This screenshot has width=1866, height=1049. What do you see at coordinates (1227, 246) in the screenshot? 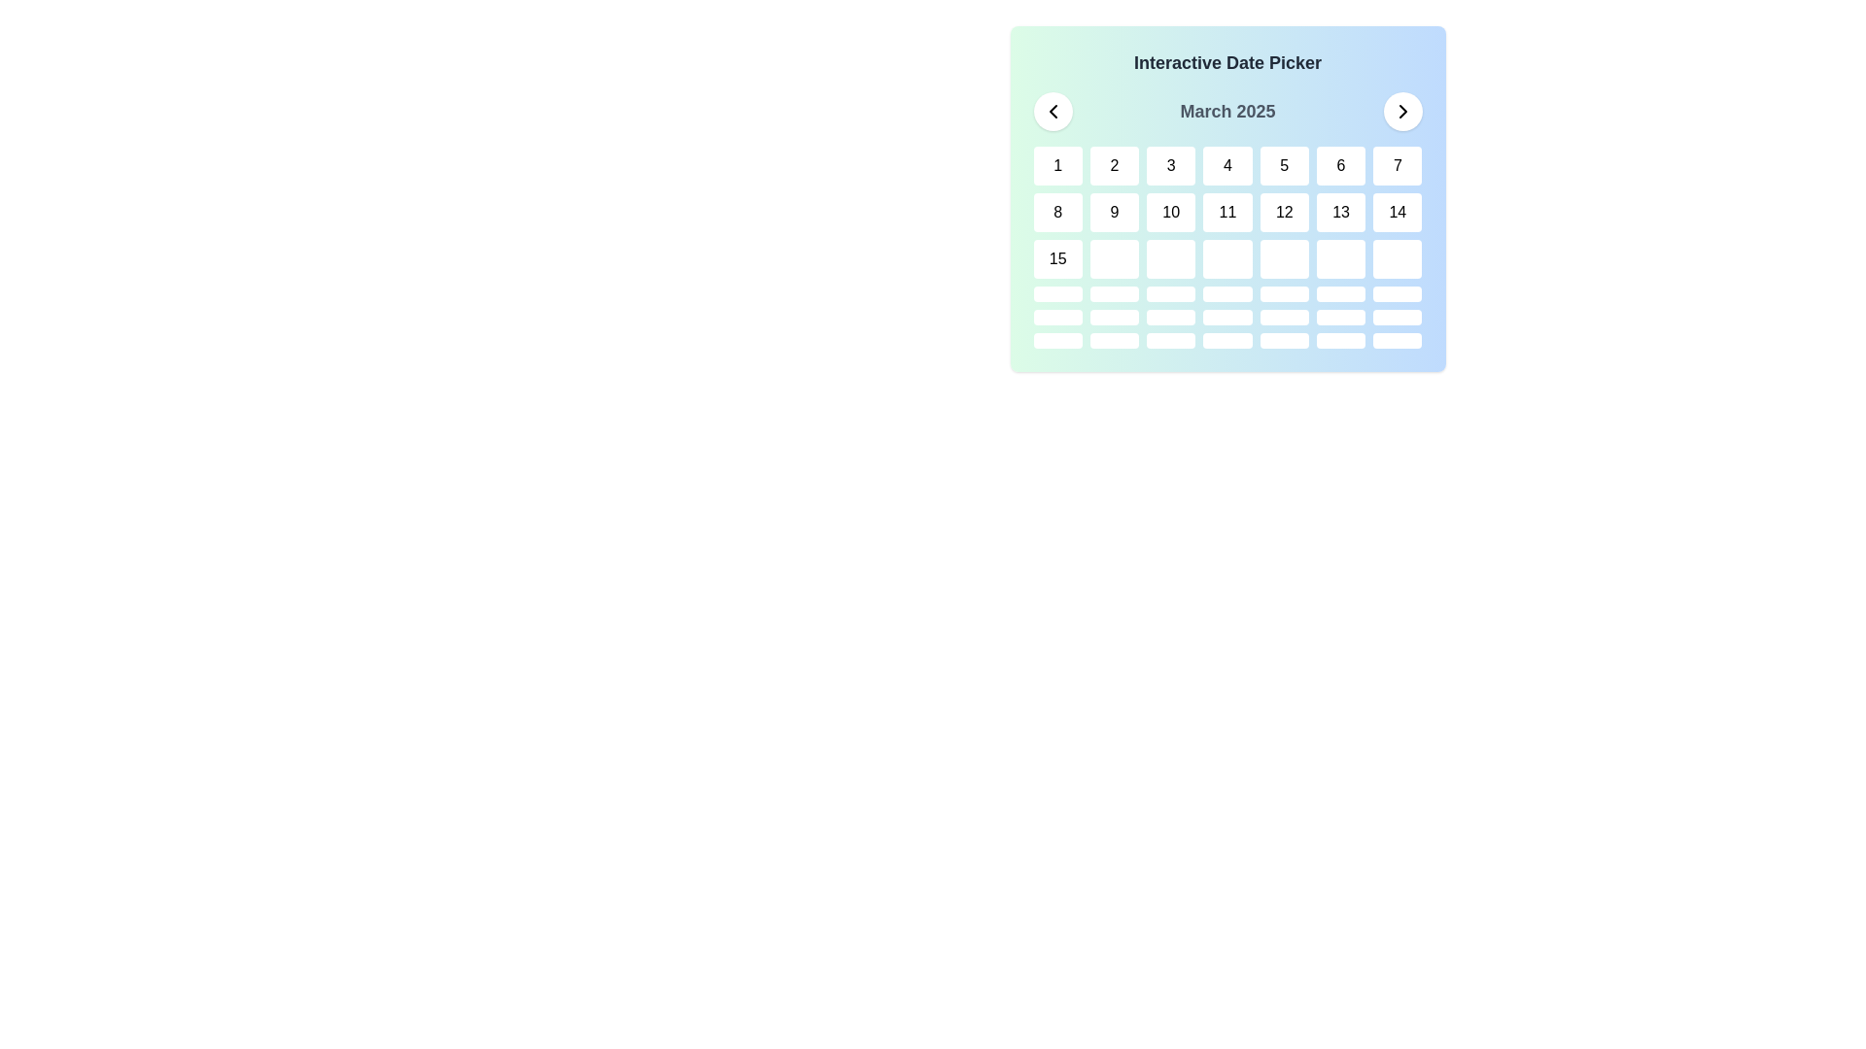
I see `a cell` at bounding box center [1227, 246].